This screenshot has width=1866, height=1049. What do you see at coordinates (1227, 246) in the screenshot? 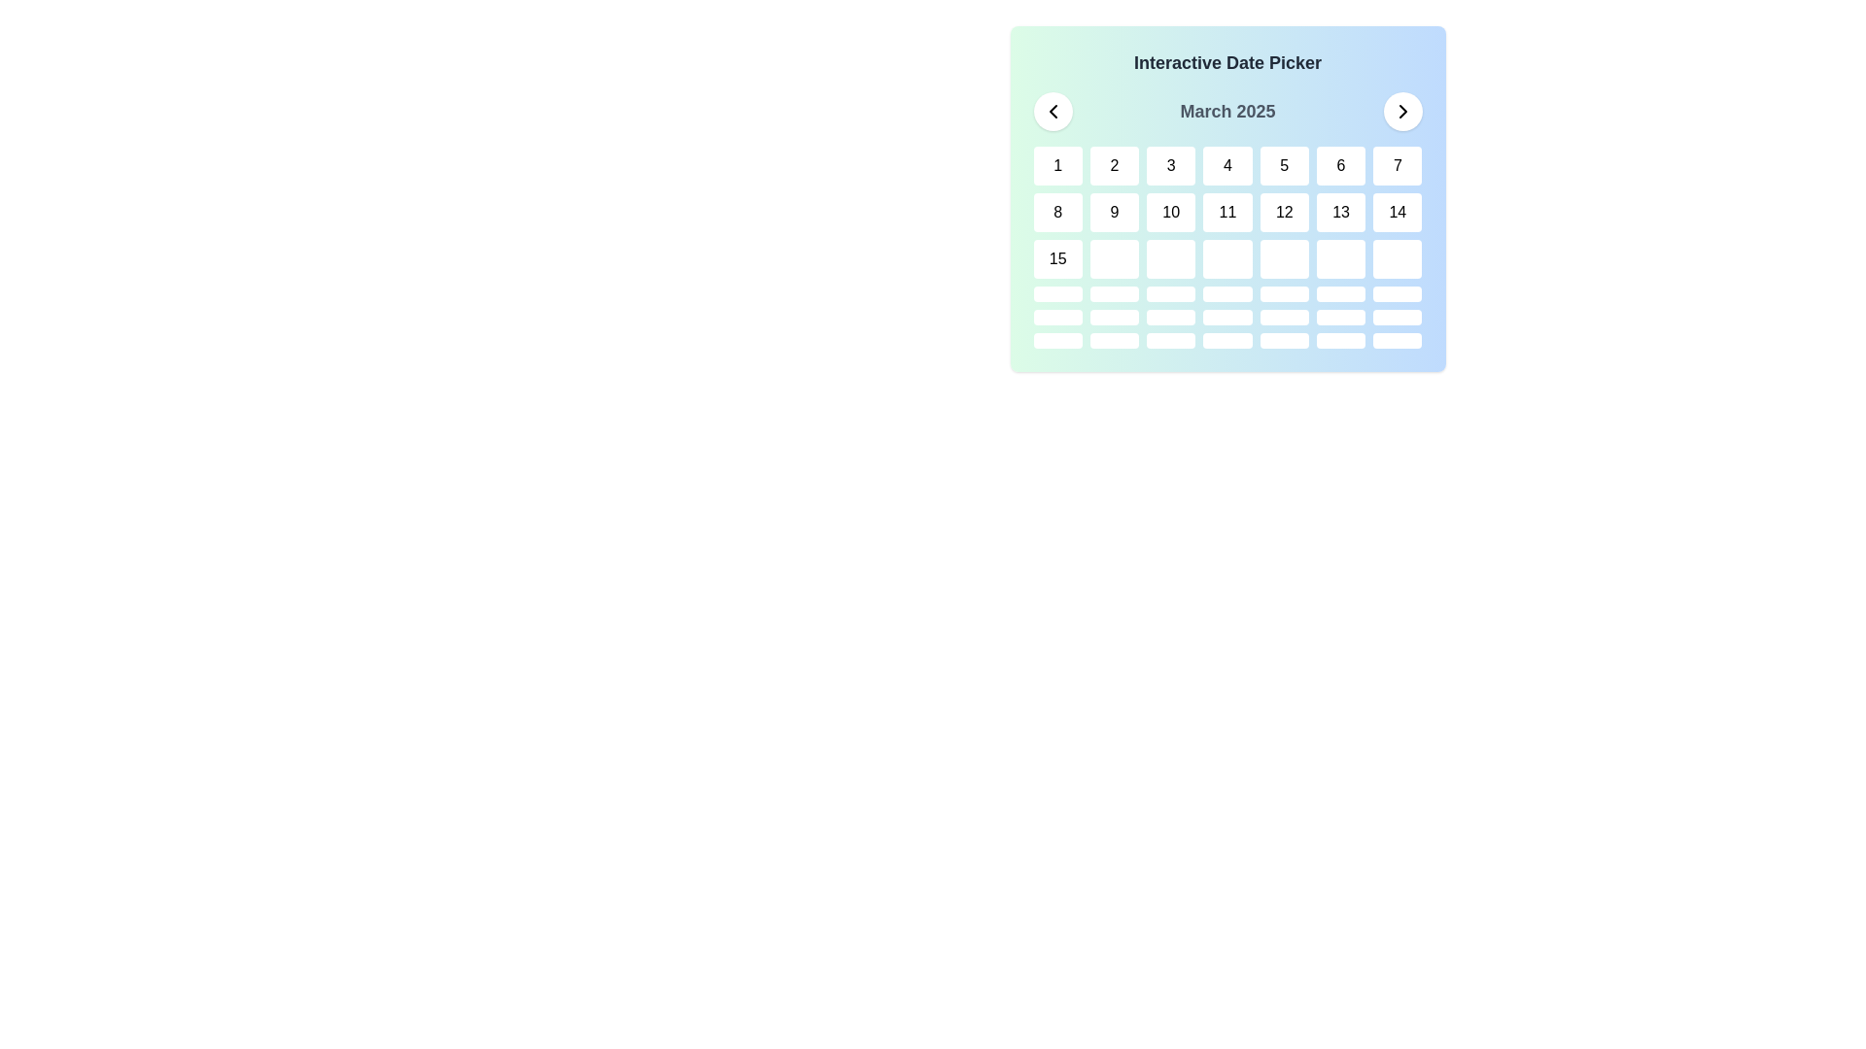
I see `a cell` at bounding box center [1227, 246].